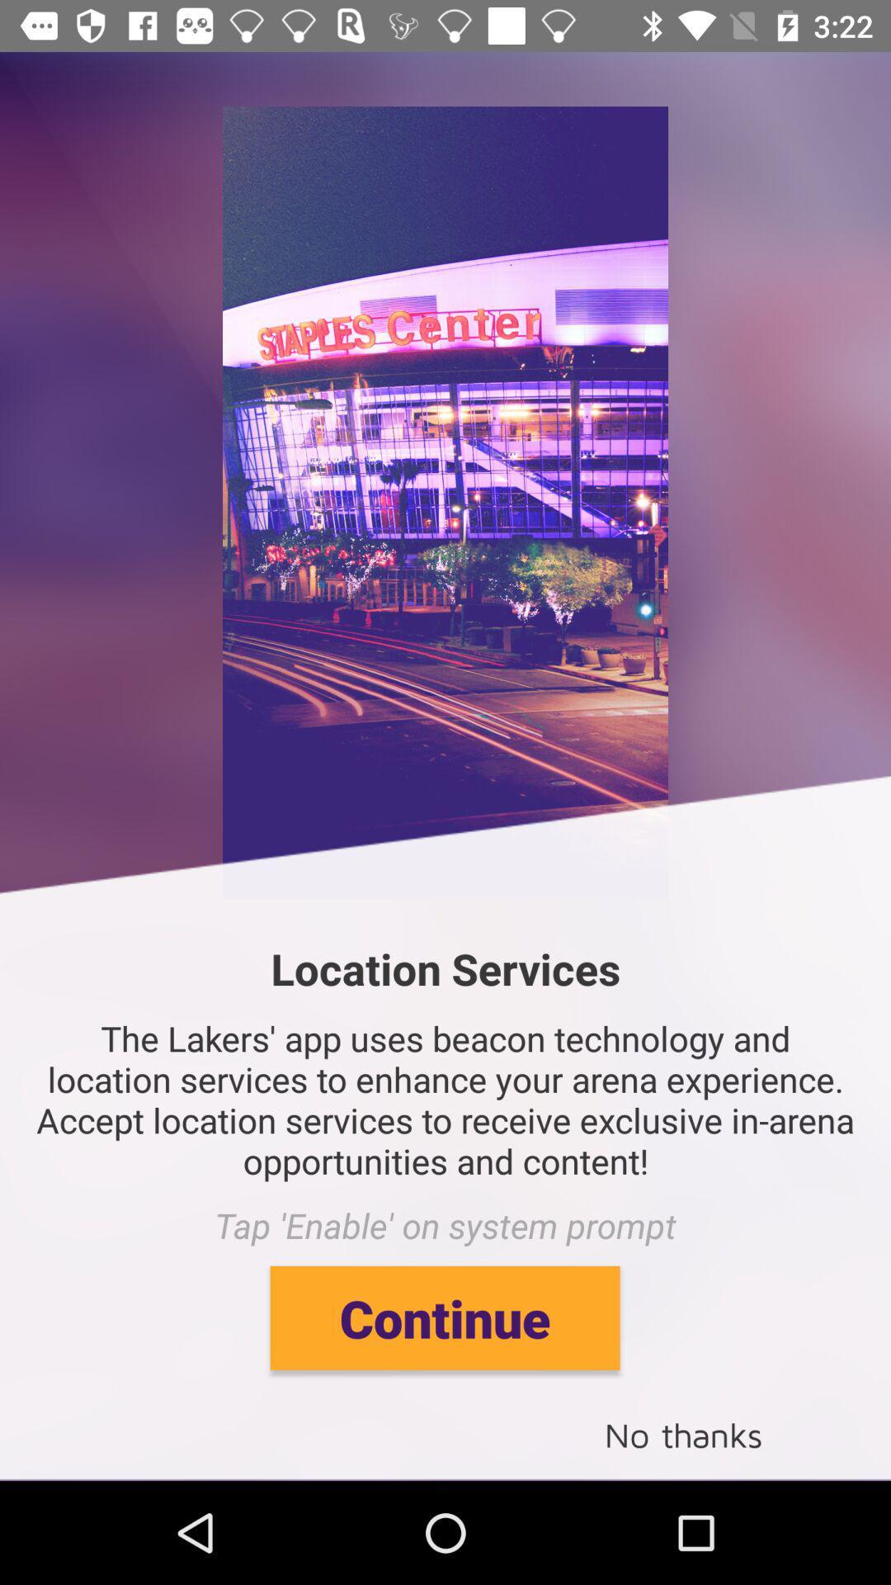 The height and width of the screenshot is (1585, 891). I want to click on continue, so click(444, 1317).